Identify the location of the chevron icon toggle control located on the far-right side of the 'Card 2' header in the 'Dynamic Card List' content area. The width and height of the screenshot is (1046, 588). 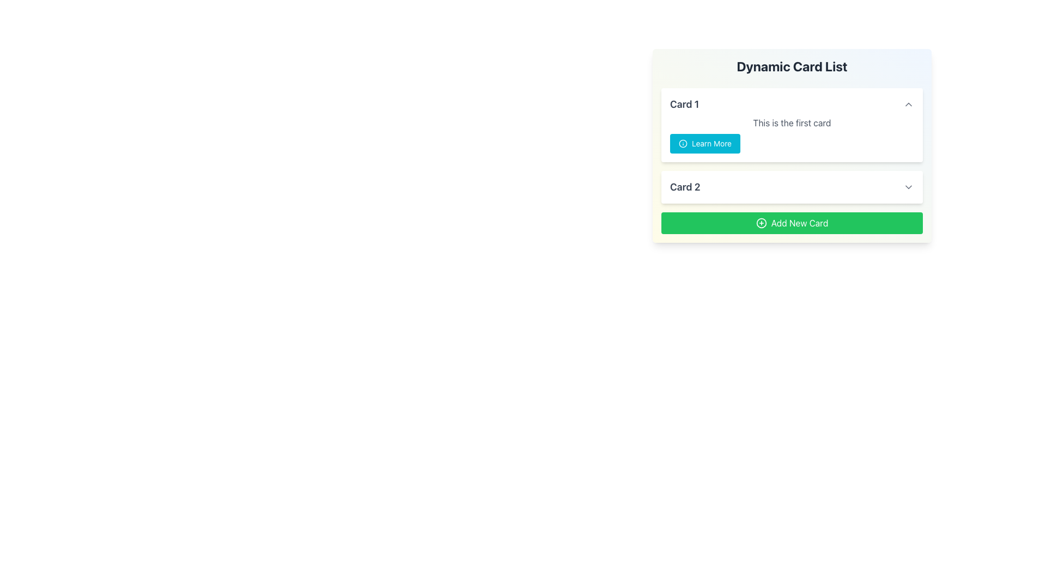
(909, 186).